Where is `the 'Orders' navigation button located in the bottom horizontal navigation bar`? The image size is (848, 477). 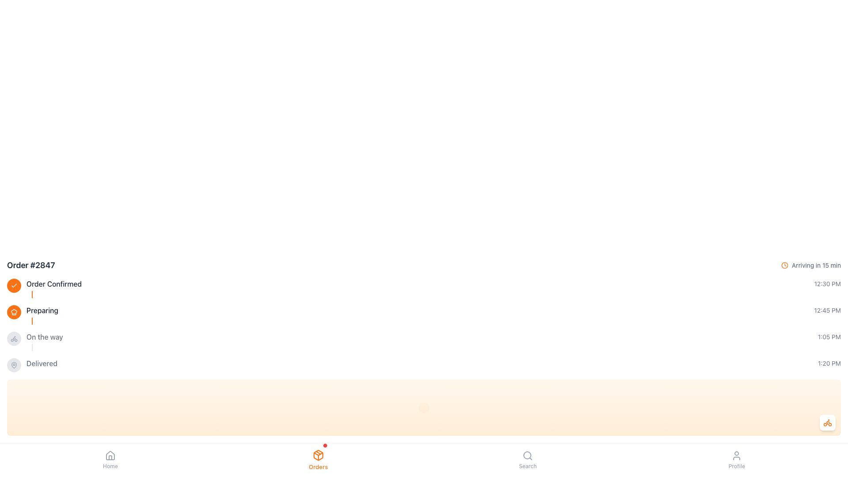 the 'Orders' navigation button located in the bottom horizontal navigation bar is located at coordinates (318, 459).